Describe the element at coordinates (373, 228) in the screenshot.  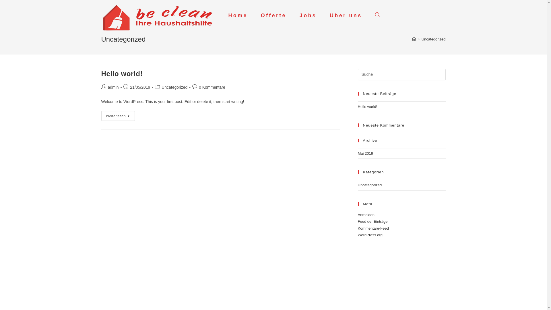
I see `'Kommentare-Feed'` at that location.